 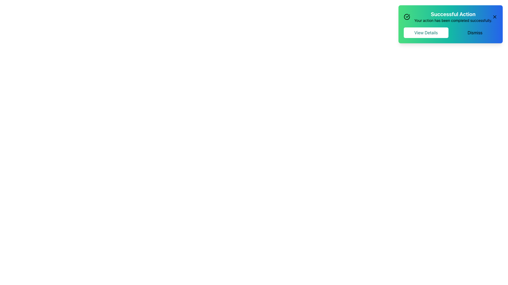 What do you see at coordinates (406, 17) in the screenshot?
I see `the circular check icon with a green outline and checkmark symbol, located to the left of the 'Successful Action' text in the notification banner` at bounding box center [406, 17].